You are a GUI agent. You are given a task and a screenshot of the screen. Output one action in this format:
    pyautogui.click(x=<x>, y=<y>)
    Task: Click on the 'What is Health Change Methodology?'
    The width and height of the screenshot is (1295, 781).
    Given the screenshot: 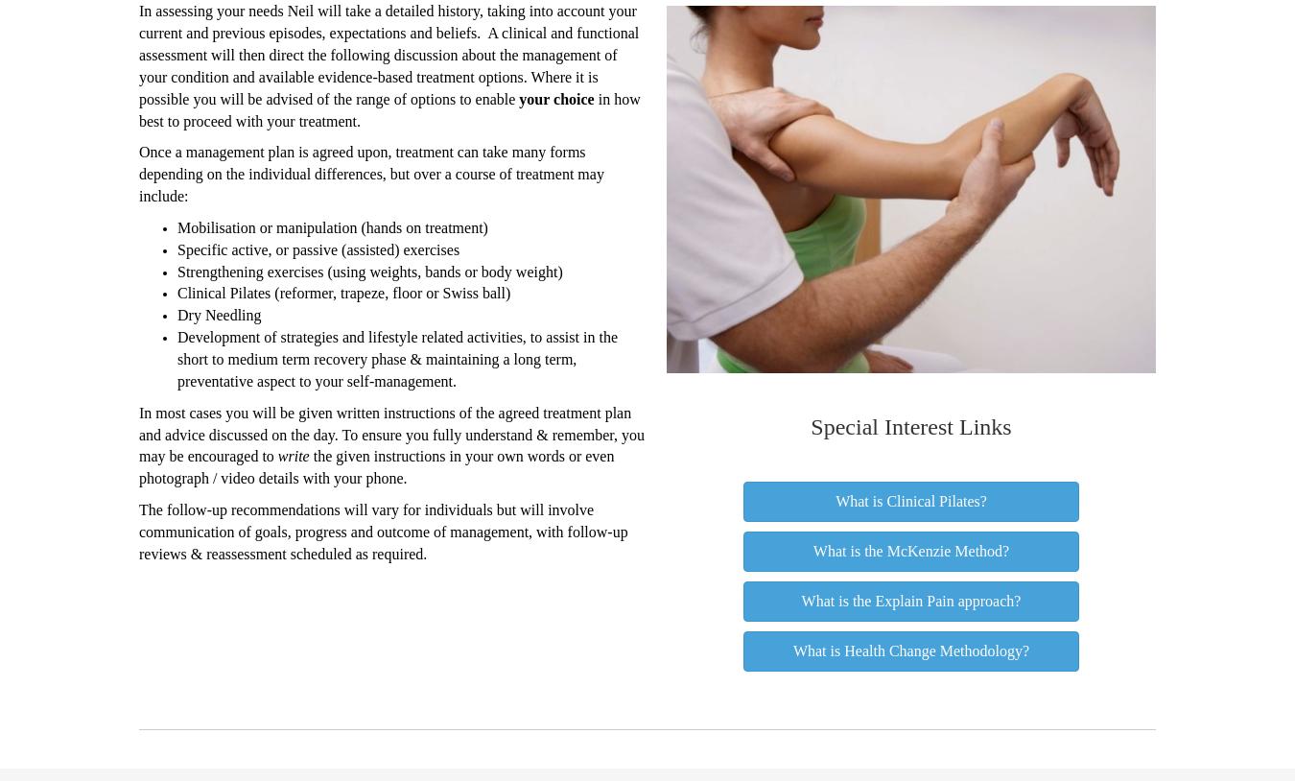 What is the action you would take?
    pyautogui.click(x=909, y=651)
    